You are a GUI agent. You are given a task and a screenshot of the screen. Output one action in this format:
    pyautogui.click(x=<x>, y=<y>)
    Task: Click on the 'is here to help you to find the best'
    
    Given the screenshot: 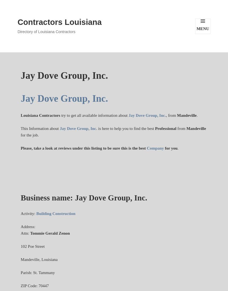 What is the action you would take?
    pyautogui.click(x=126, y=128)
    